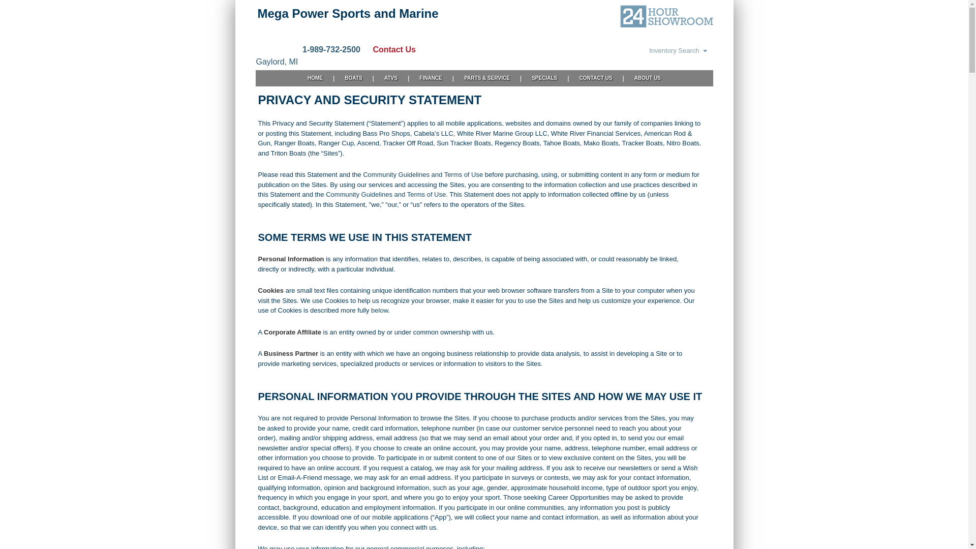  Describe the element at coordinates (543, 78) in the screenshot. I see `'SPECIALS'` at that location.